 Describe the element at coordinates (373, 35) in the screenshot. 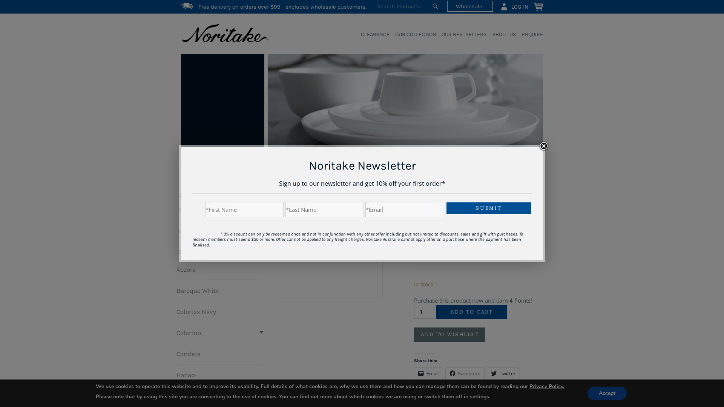

I see `'CLEARANCE'` at that location.